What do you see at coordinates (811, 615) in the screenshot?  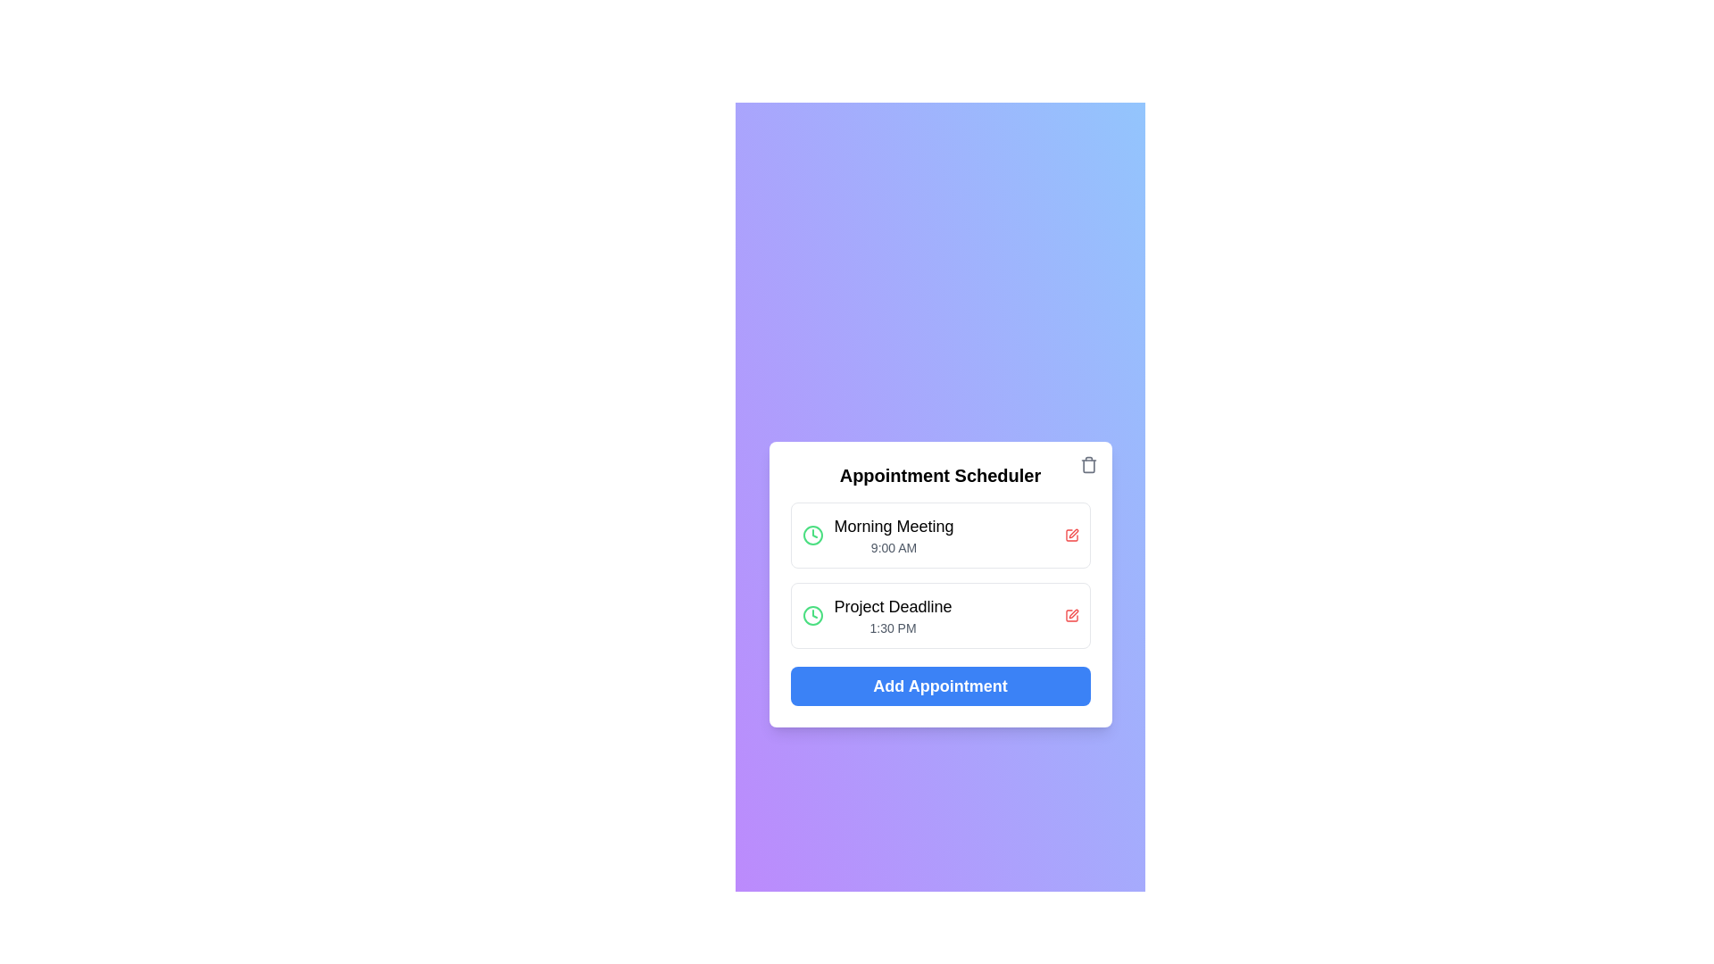 I see `the circular green clock icon located to the left of the text 'Morning Meeting' in the scheduler interface` at bounding box center [811, 615].